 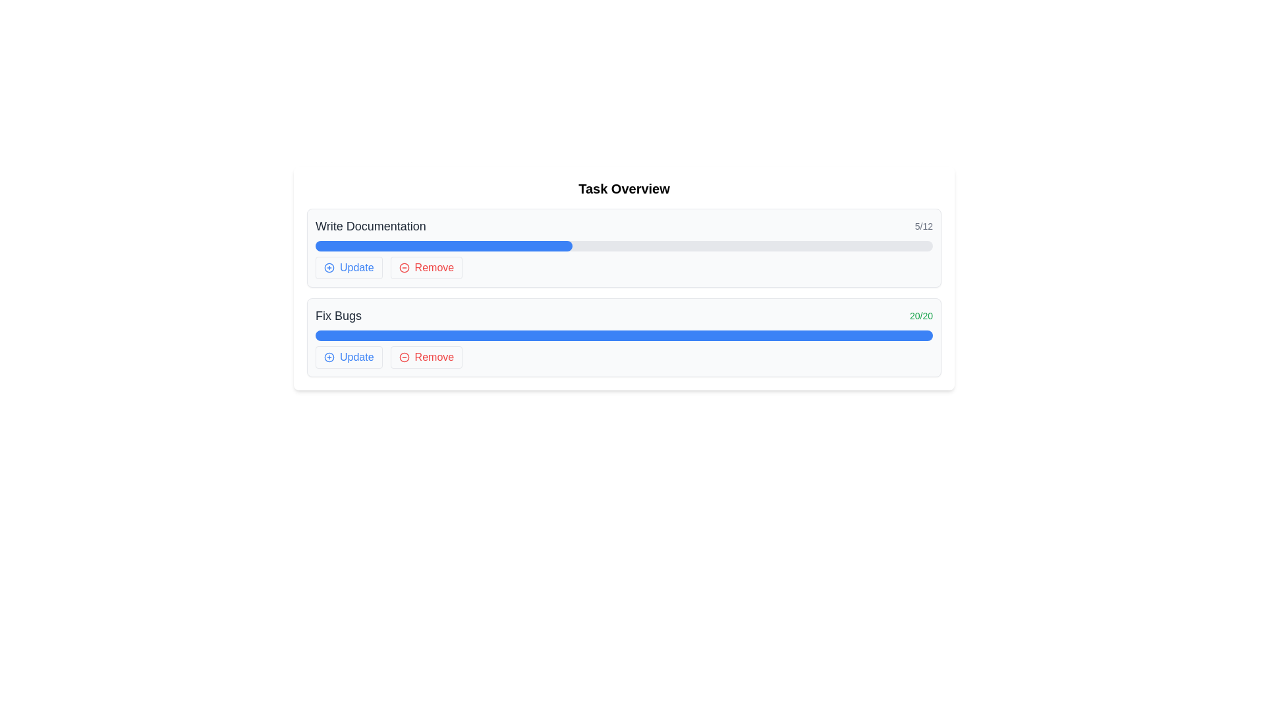 What do you see at coordinates (403, 357) in the screenshot?
I see `the circular portion of the 'Remove' action icon, which is a part of the circle-minus icon located below the 'Fix Bugs' task` at bounding box center [403, 357].